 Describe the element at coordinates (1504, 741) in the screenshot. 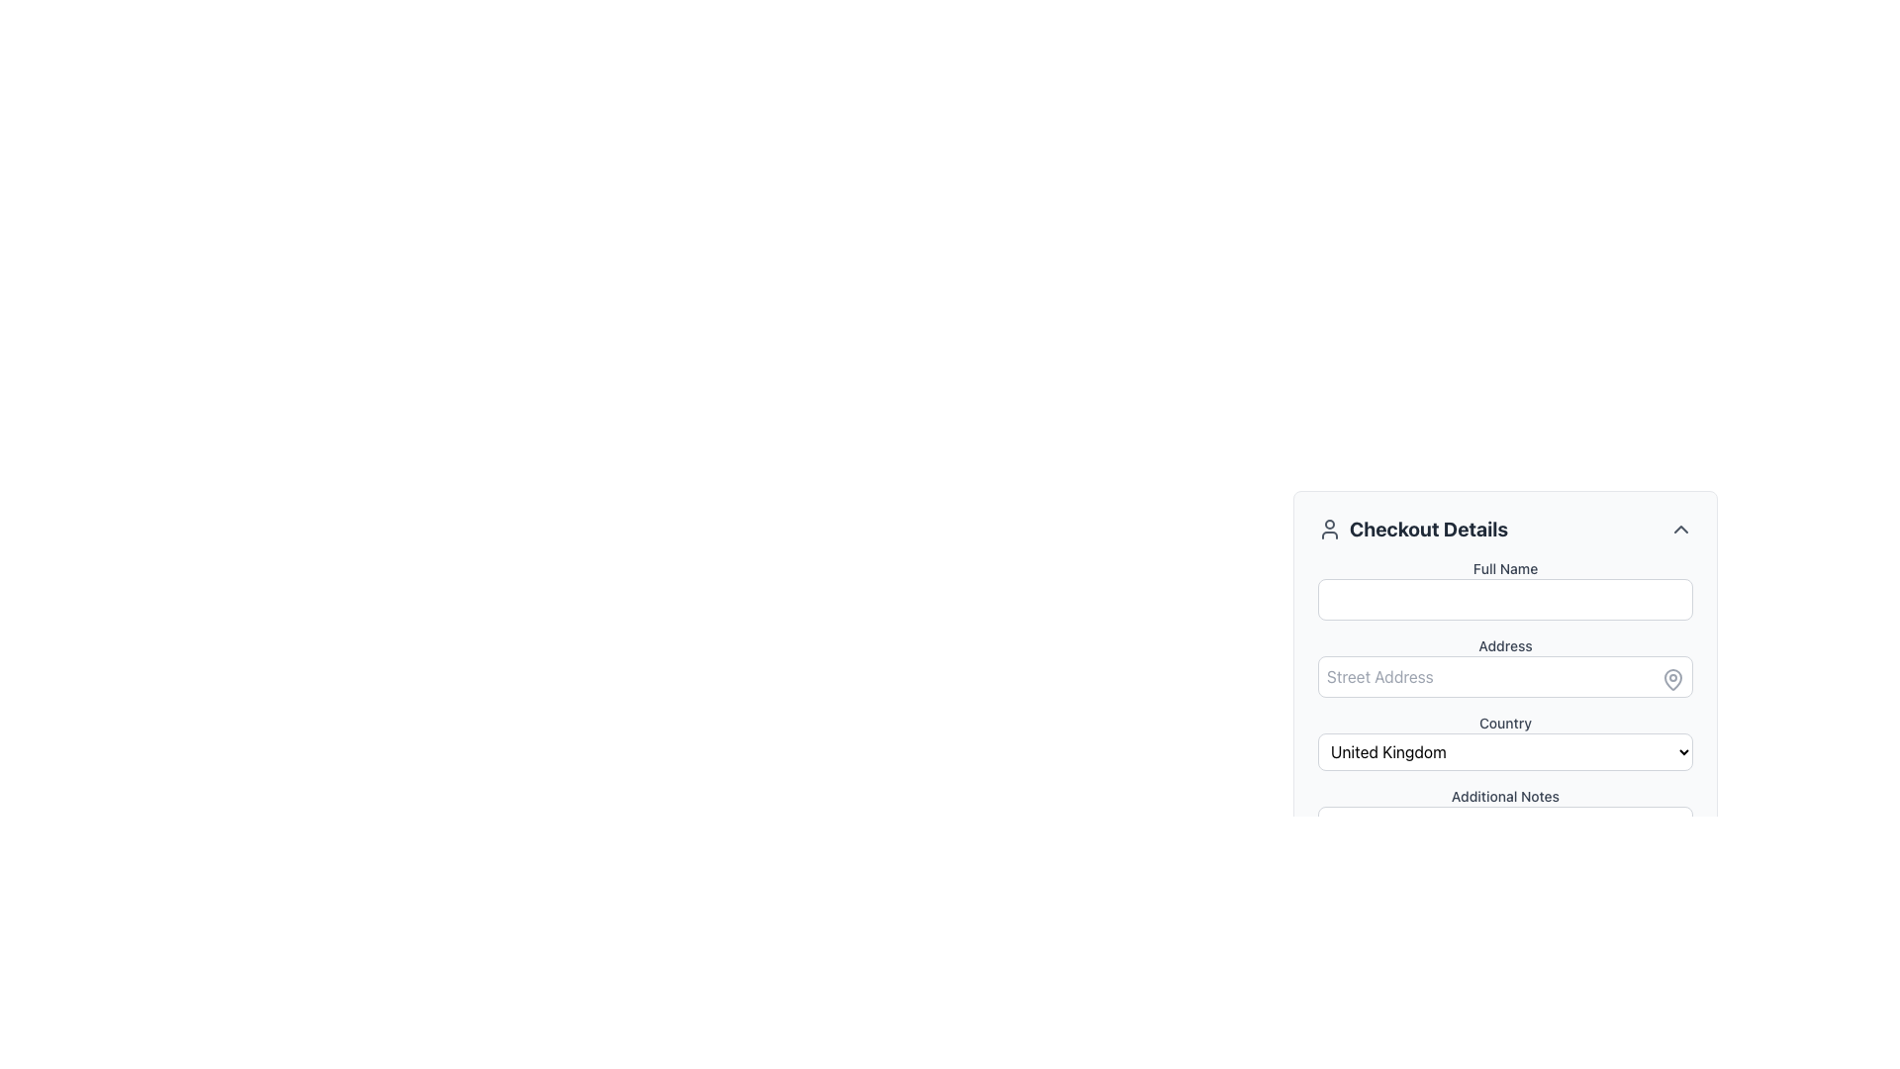

I see `the down arrow of the dropdown menu labeled 'Country'` at that location.